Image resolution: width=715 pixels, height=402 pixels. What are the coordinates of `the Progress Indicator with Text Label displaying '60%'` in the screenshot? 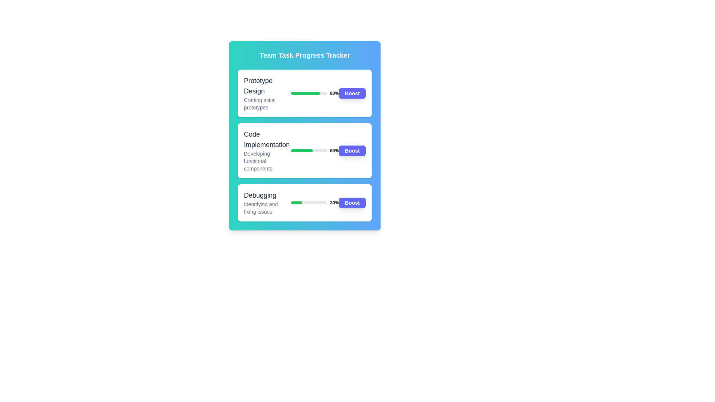 It's located at (315, 151).